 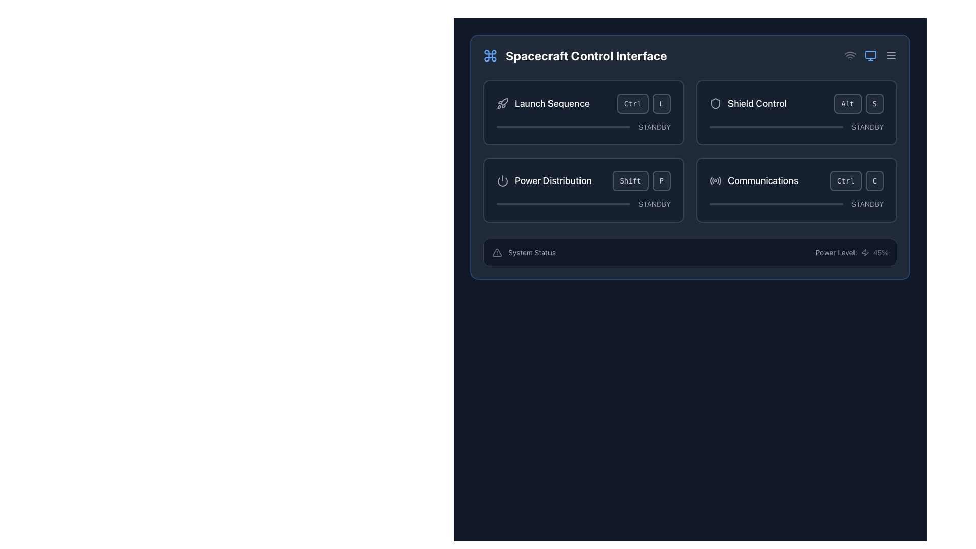 I want to click on the small gray rocket icon located to the left of the 'Launch Sequence' text in the header row, so click(x=502, y=104).